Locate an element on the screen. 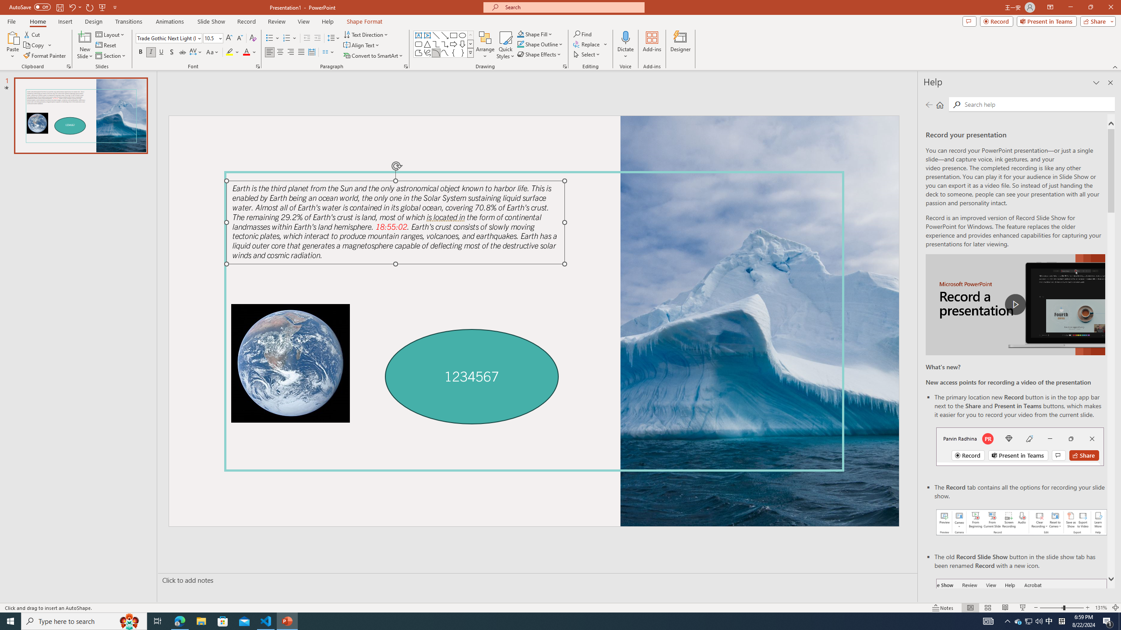 This screenshot has width=1121, height=630. 'Record your presentations screenshot one' is located at coordinates (1021, 521).